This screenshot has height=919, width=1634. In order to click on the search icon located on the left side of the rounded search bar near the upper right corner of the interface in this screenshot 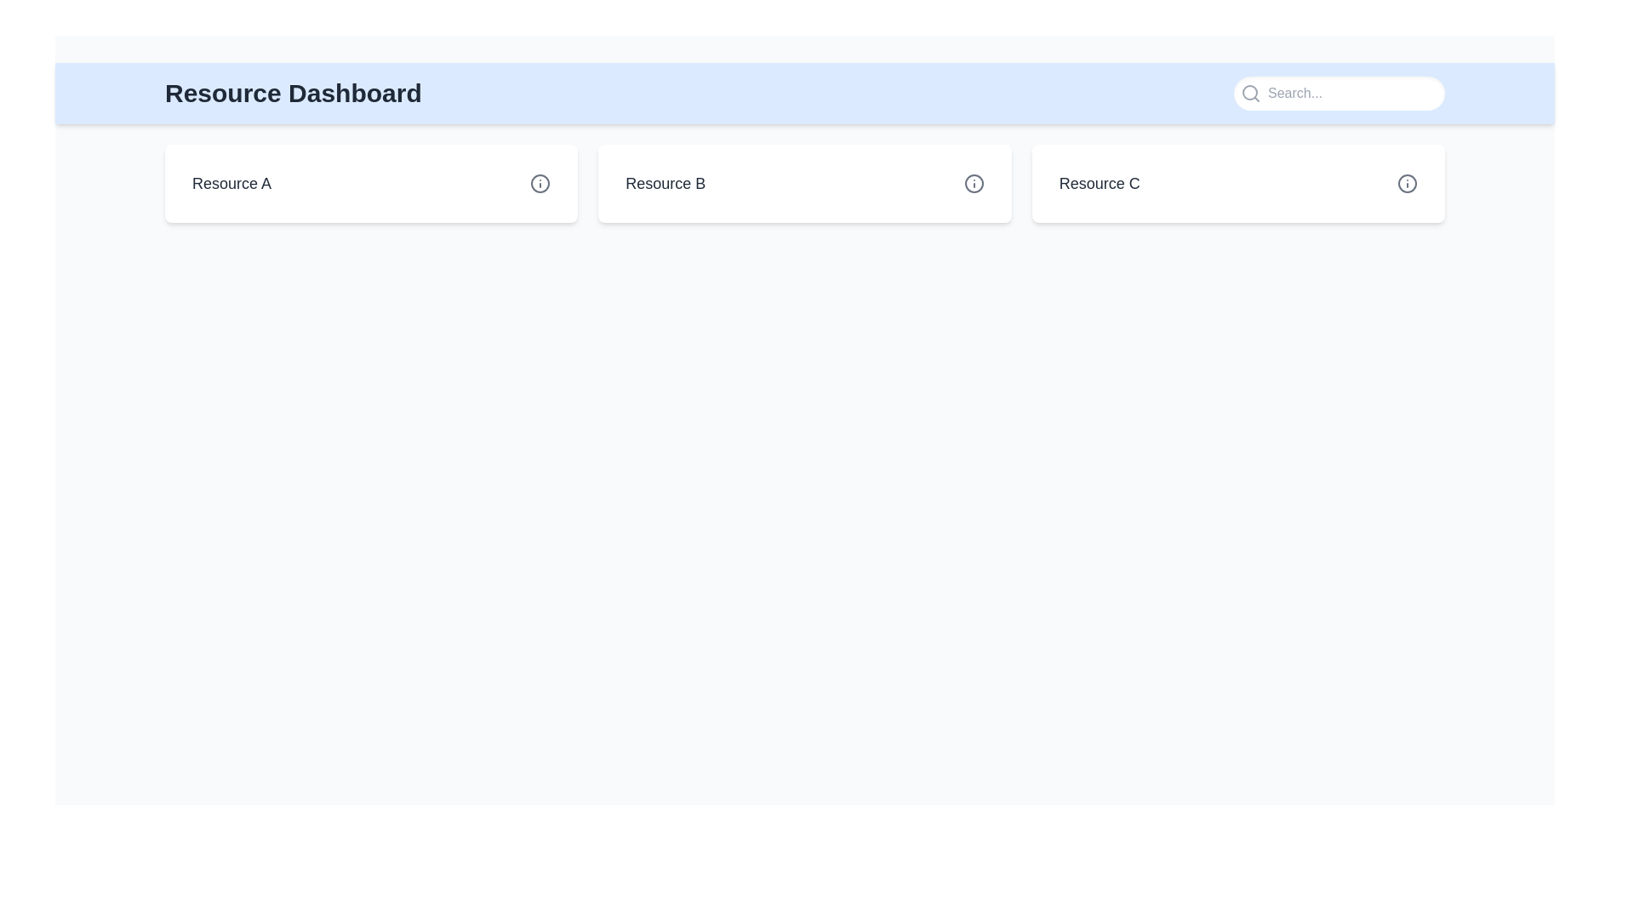, I will do `click(1250, 94)`.